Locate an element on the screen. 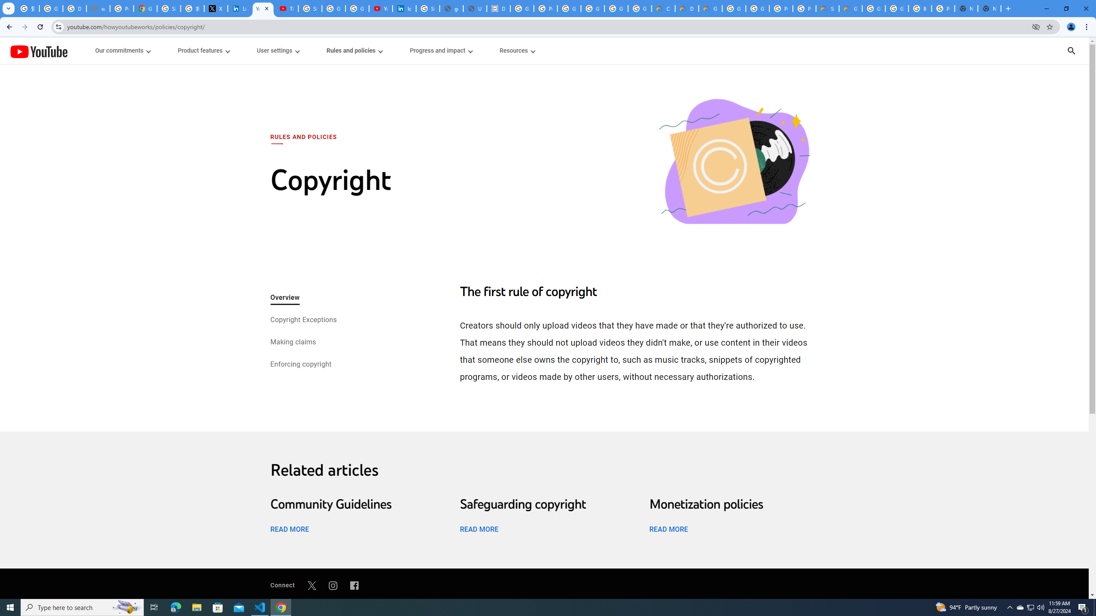 The image size is (1096, 616). 'User settings menupopup' is located at coordinates (277, 50).